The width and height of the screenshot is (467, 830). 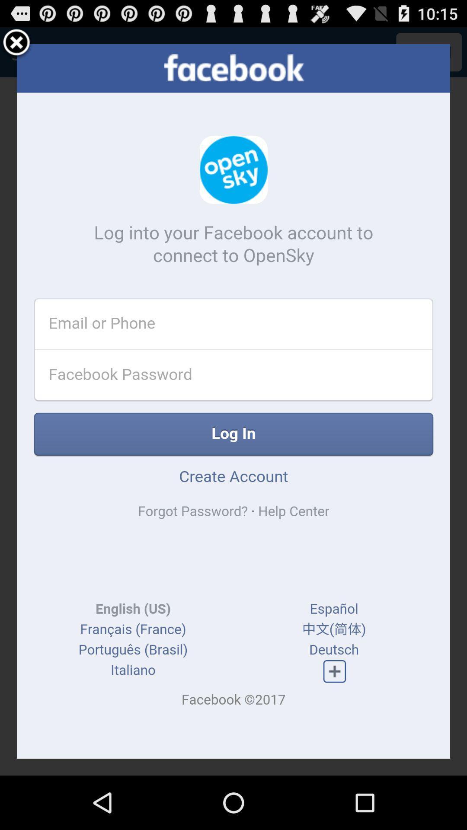 I want to click on the close icon, so click(x=16, y=46).